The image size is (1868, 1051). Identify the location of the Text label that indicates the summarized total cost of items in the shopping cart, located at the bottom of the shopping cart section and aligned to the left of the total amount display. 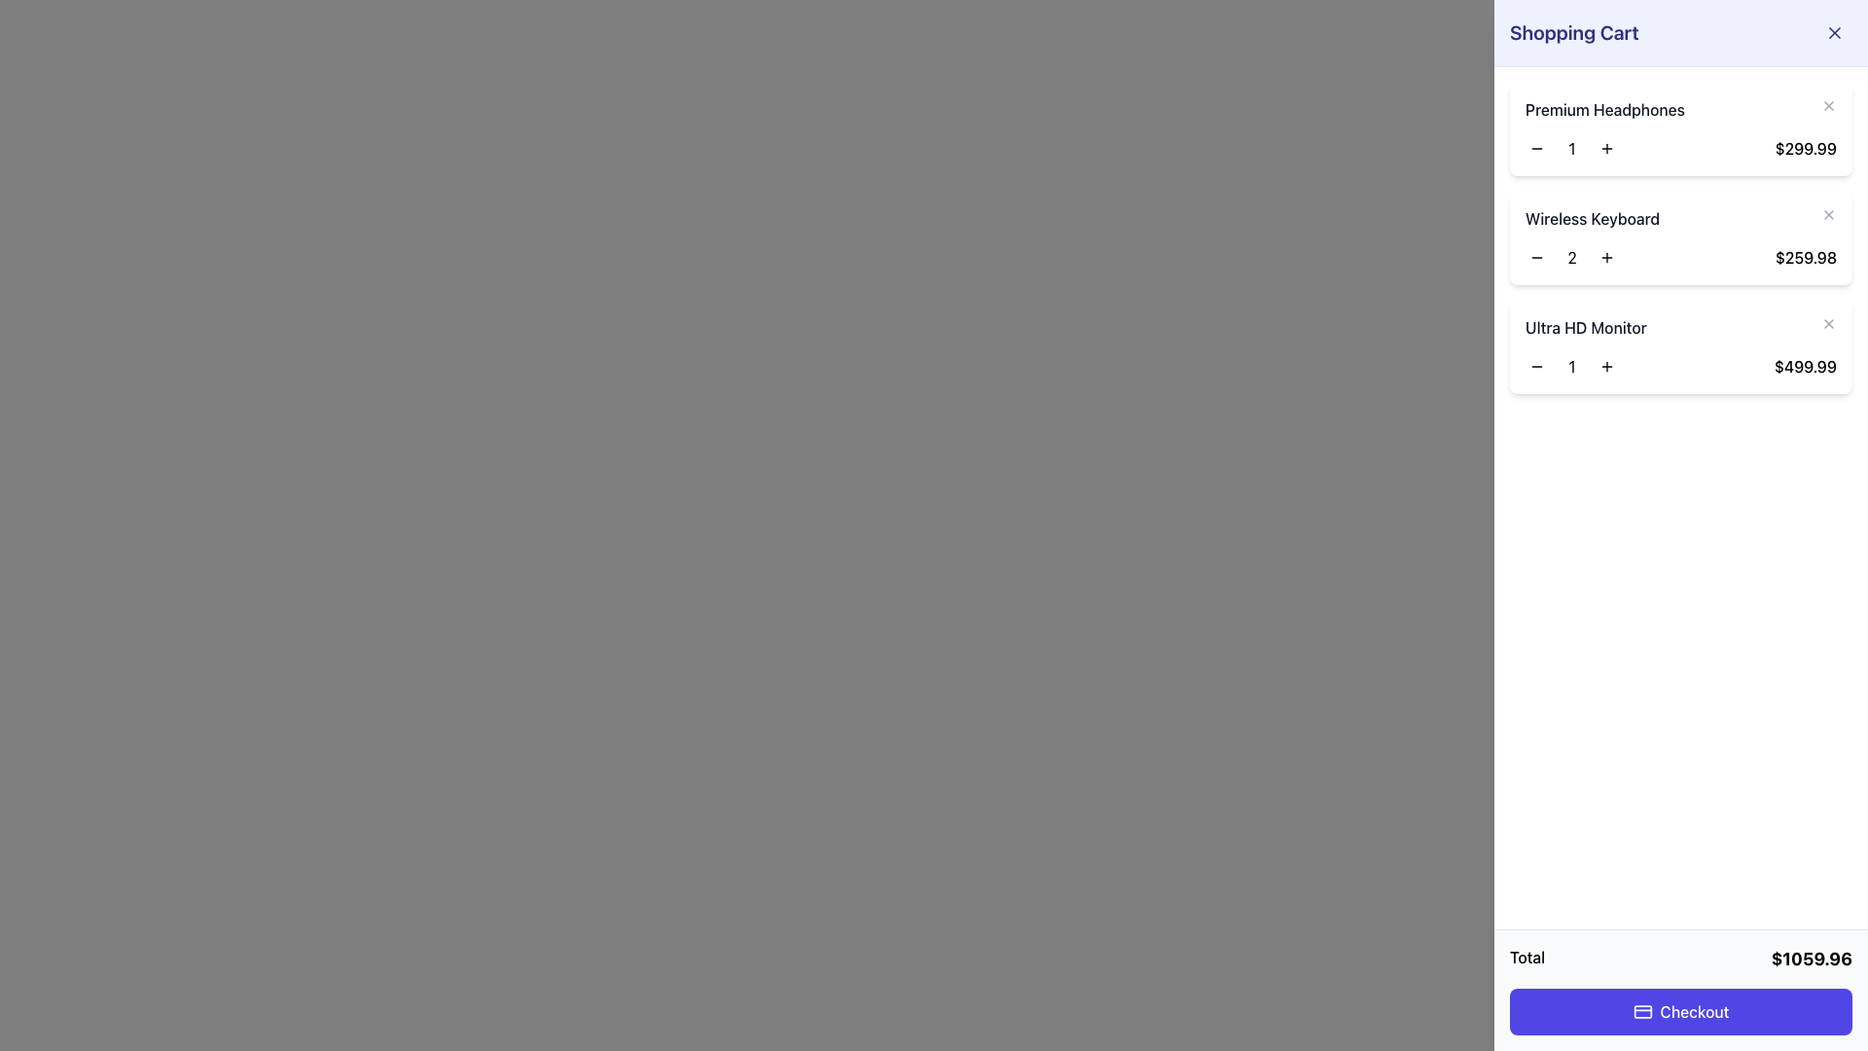
(1527, 959).